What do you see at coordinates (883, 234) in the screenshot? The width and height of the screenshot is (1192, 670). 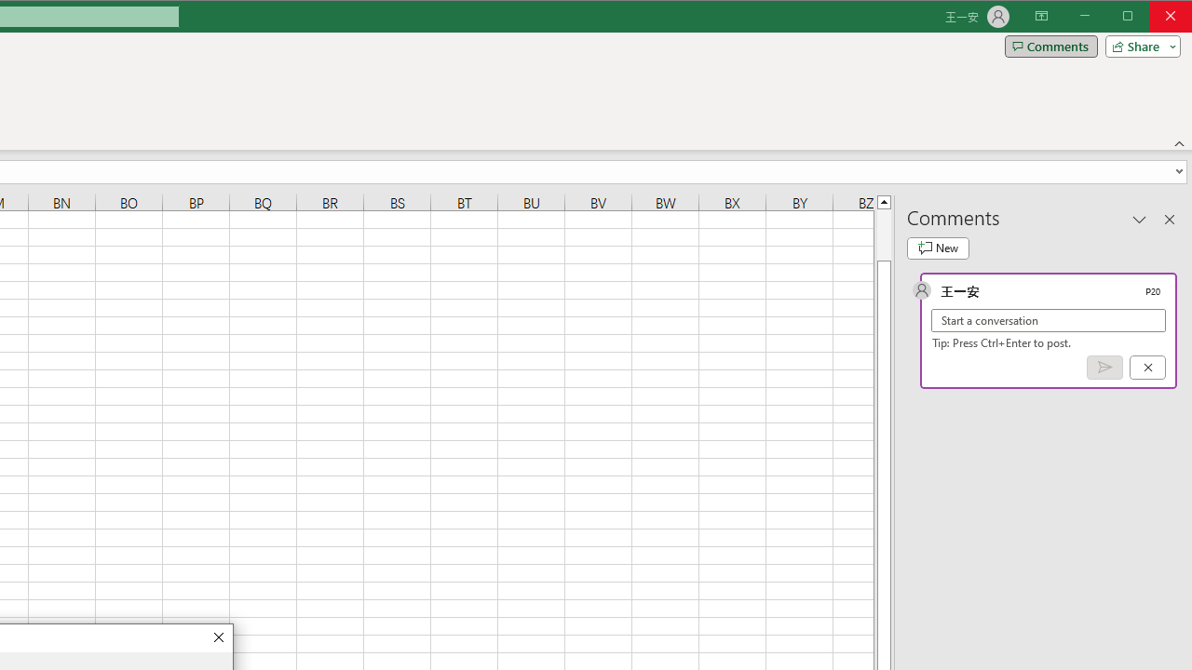 I see `'Page up'` at bounding box center [883, 234].